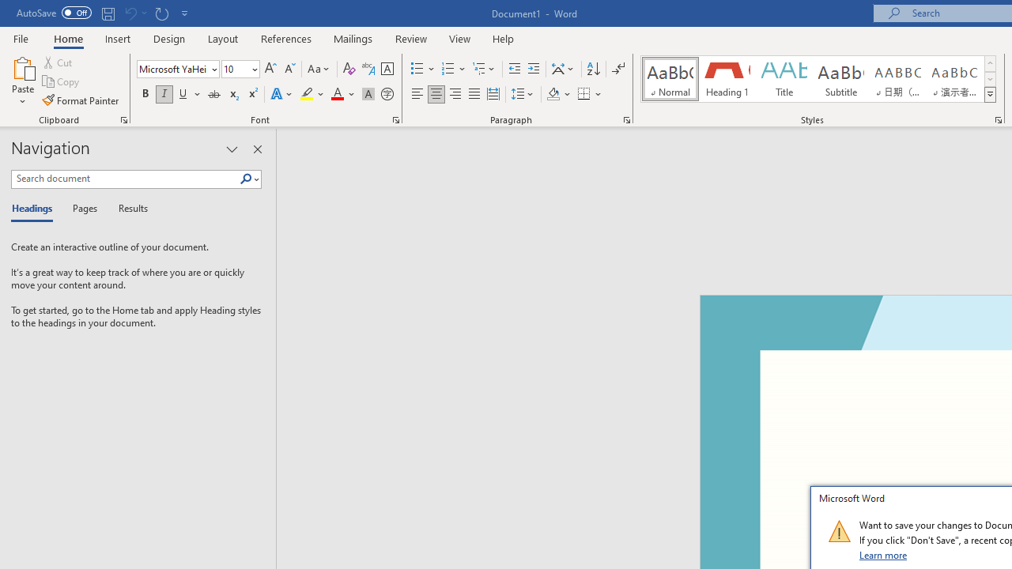 This screenshot has width=1012, height=569. What do you see at coordinates (617, 68) in the screenshot?
I see `'Show/Hide Editing Marks'` at bounding box center [617, 68].